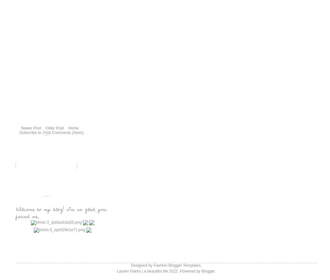 The image size is (330, 280). I want to click on 'Home', so click(73, 128).